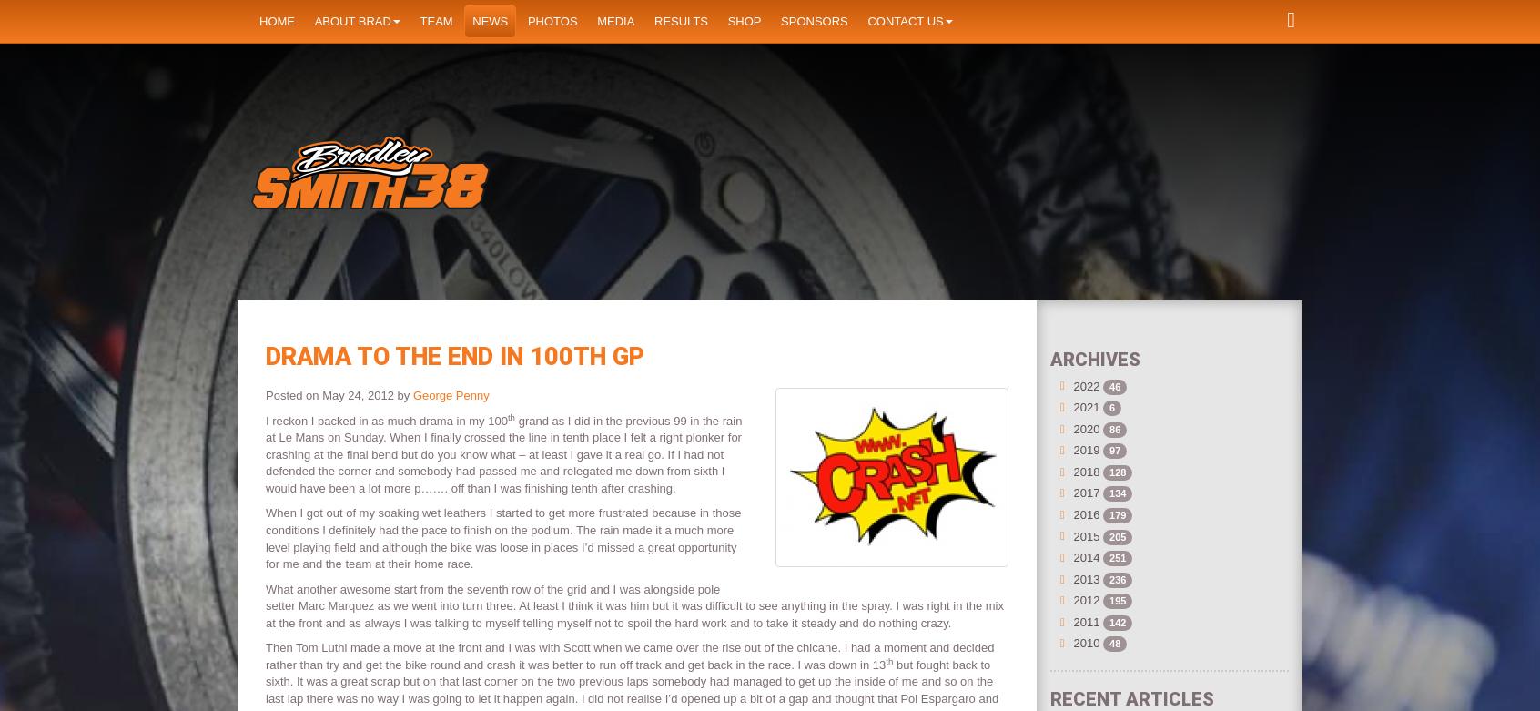 The width and height of the screenshot is (1540, 711). What do you see at coordinates (1118, 600) in the screenshot?
I see `'195'` at bounding box center [1118, 600].